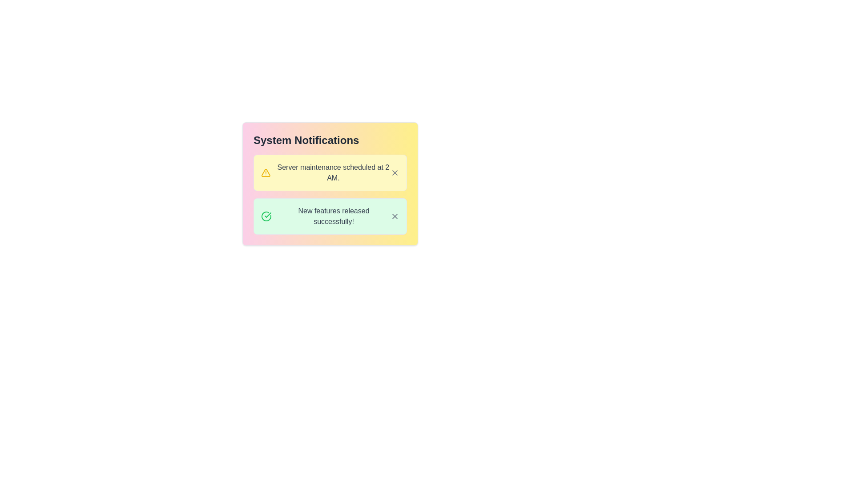 The image size is (854, 480). I want to click on notification message that informs the user of successful new feature releases, located as the second item in the notification panel, so click(325, 216).